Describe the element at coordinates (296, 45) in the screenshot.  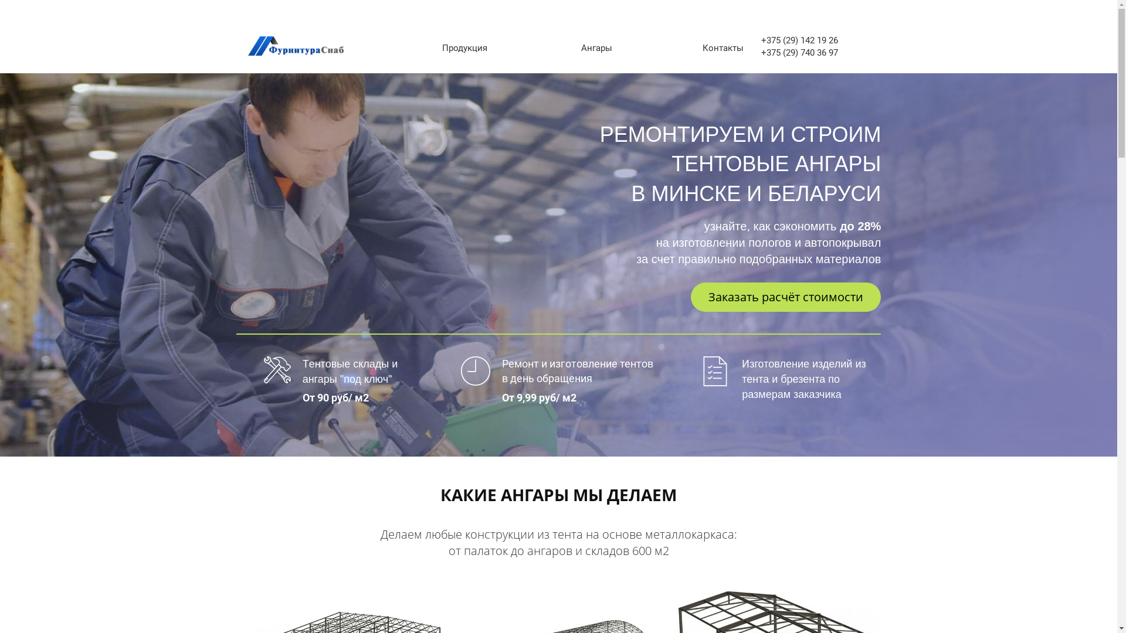
I see `'furniturasnab-logo'` at that location.